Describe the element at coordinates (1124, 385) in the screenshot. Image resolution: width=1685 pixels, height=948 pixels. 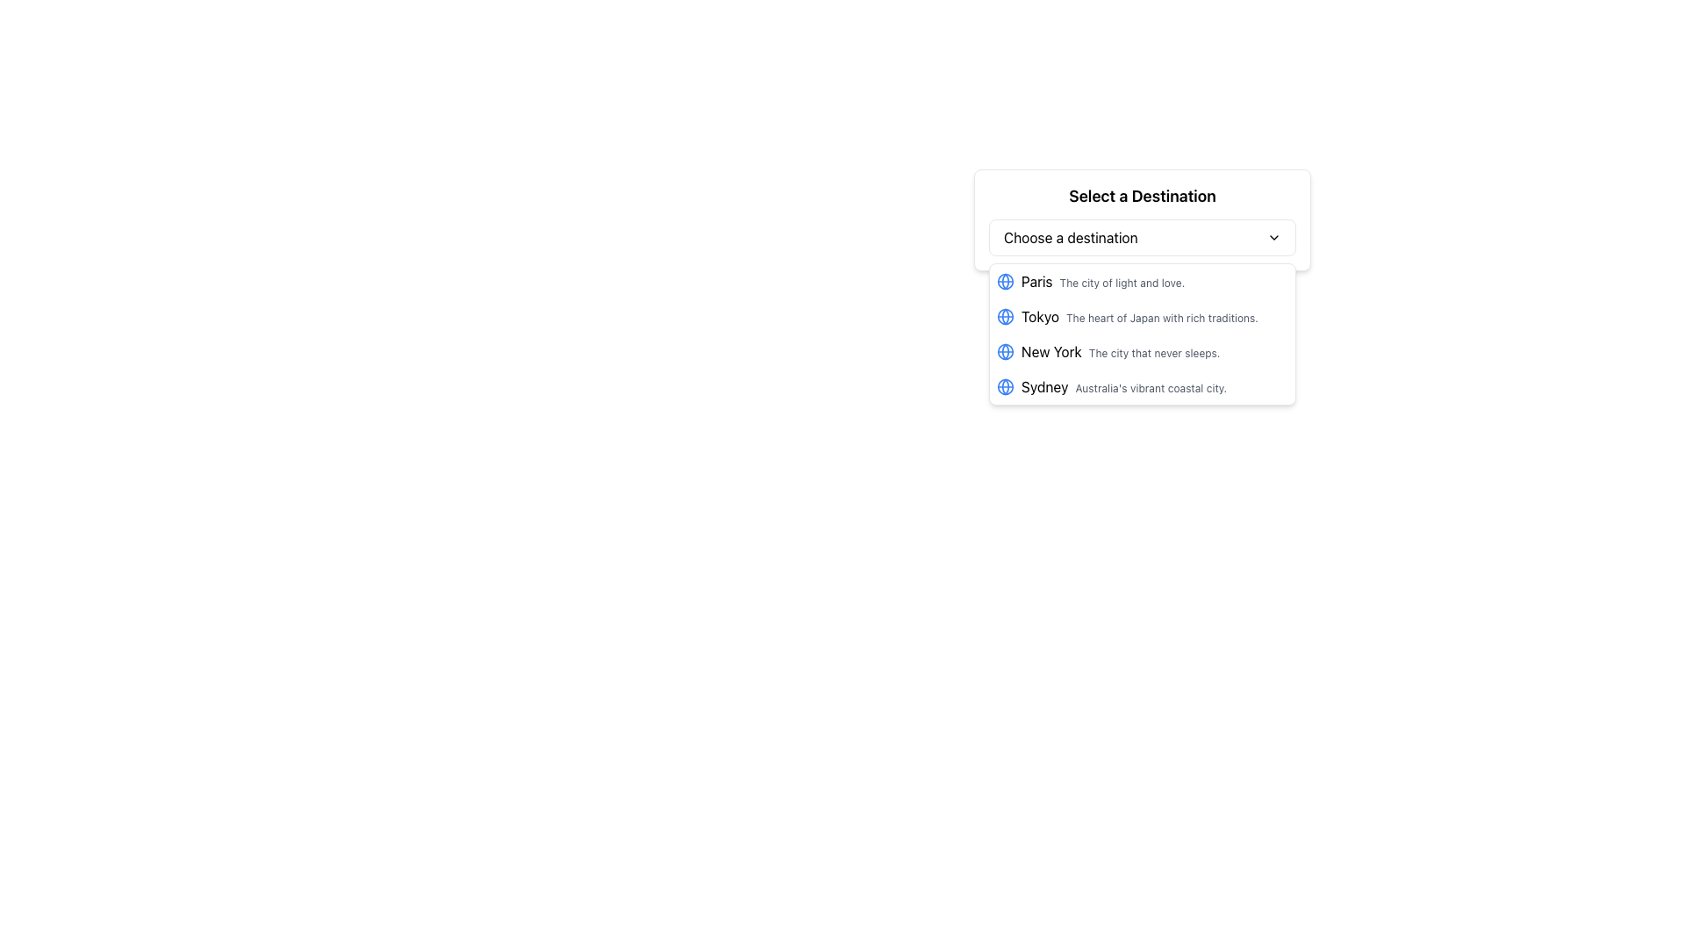
I see `the fourth item in the 'Choose a destination' dropdown menu` at that location.